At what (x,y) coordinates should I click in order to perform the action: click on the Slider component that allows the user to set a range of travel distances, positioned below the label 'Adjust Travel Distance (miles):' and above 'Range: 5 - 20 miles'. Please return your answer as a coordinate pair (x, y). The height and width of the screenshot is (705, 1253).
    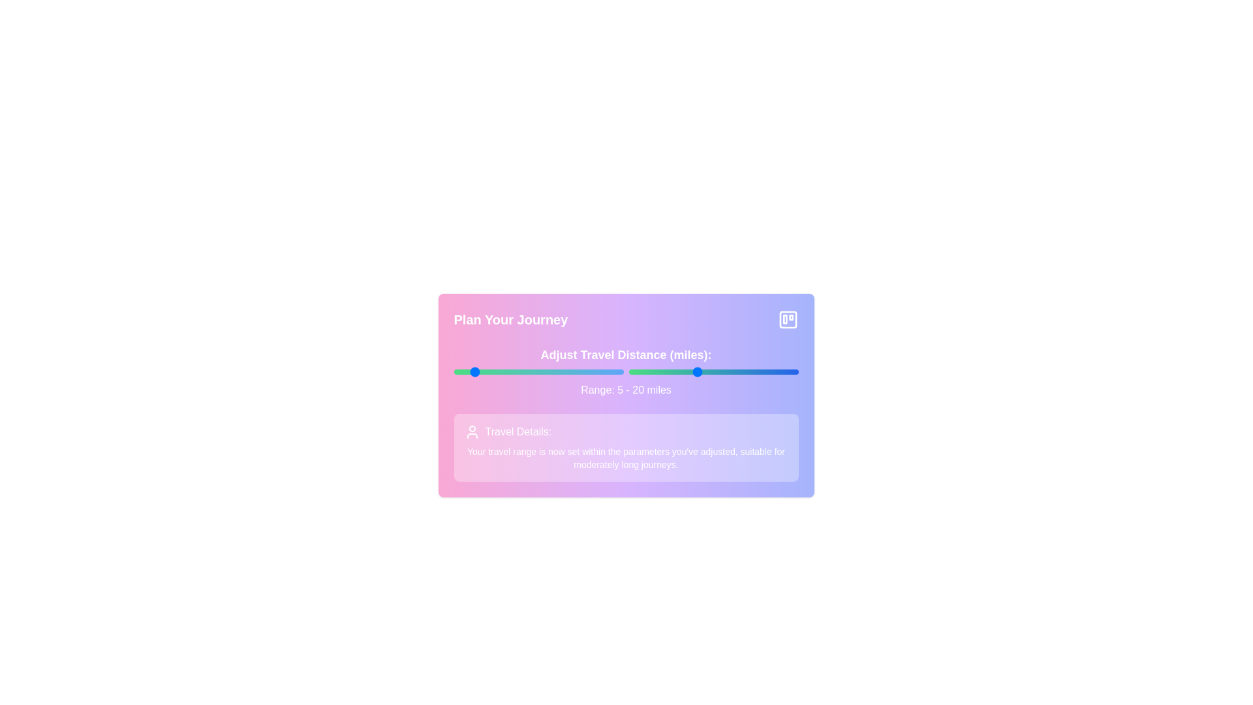
    Looking at the image, I should click on (625, 372).